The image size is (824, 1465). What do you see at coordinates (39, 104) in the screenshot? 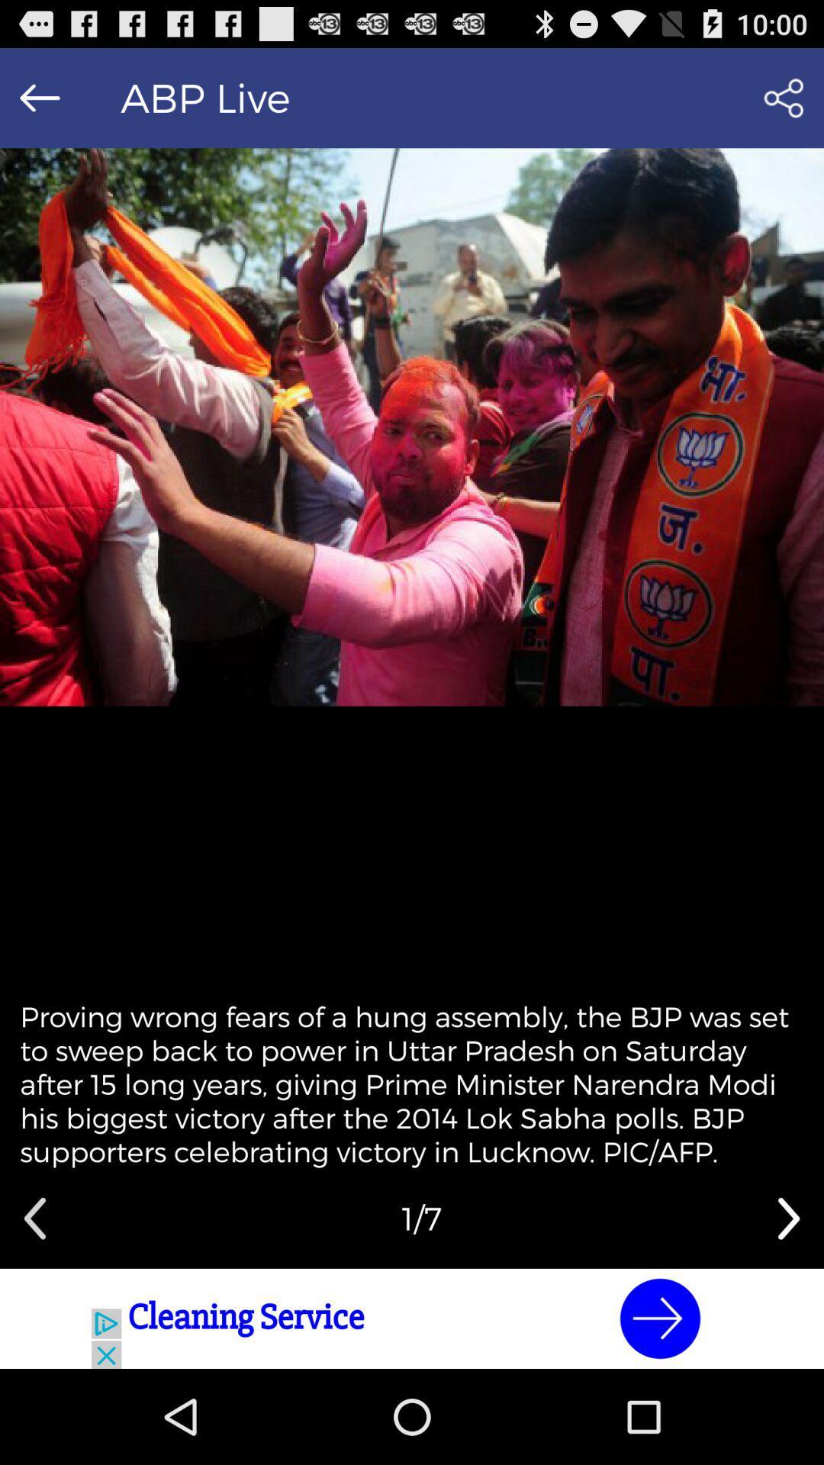
I see `the arrow_backward icon` at bounding box center [39, 104].